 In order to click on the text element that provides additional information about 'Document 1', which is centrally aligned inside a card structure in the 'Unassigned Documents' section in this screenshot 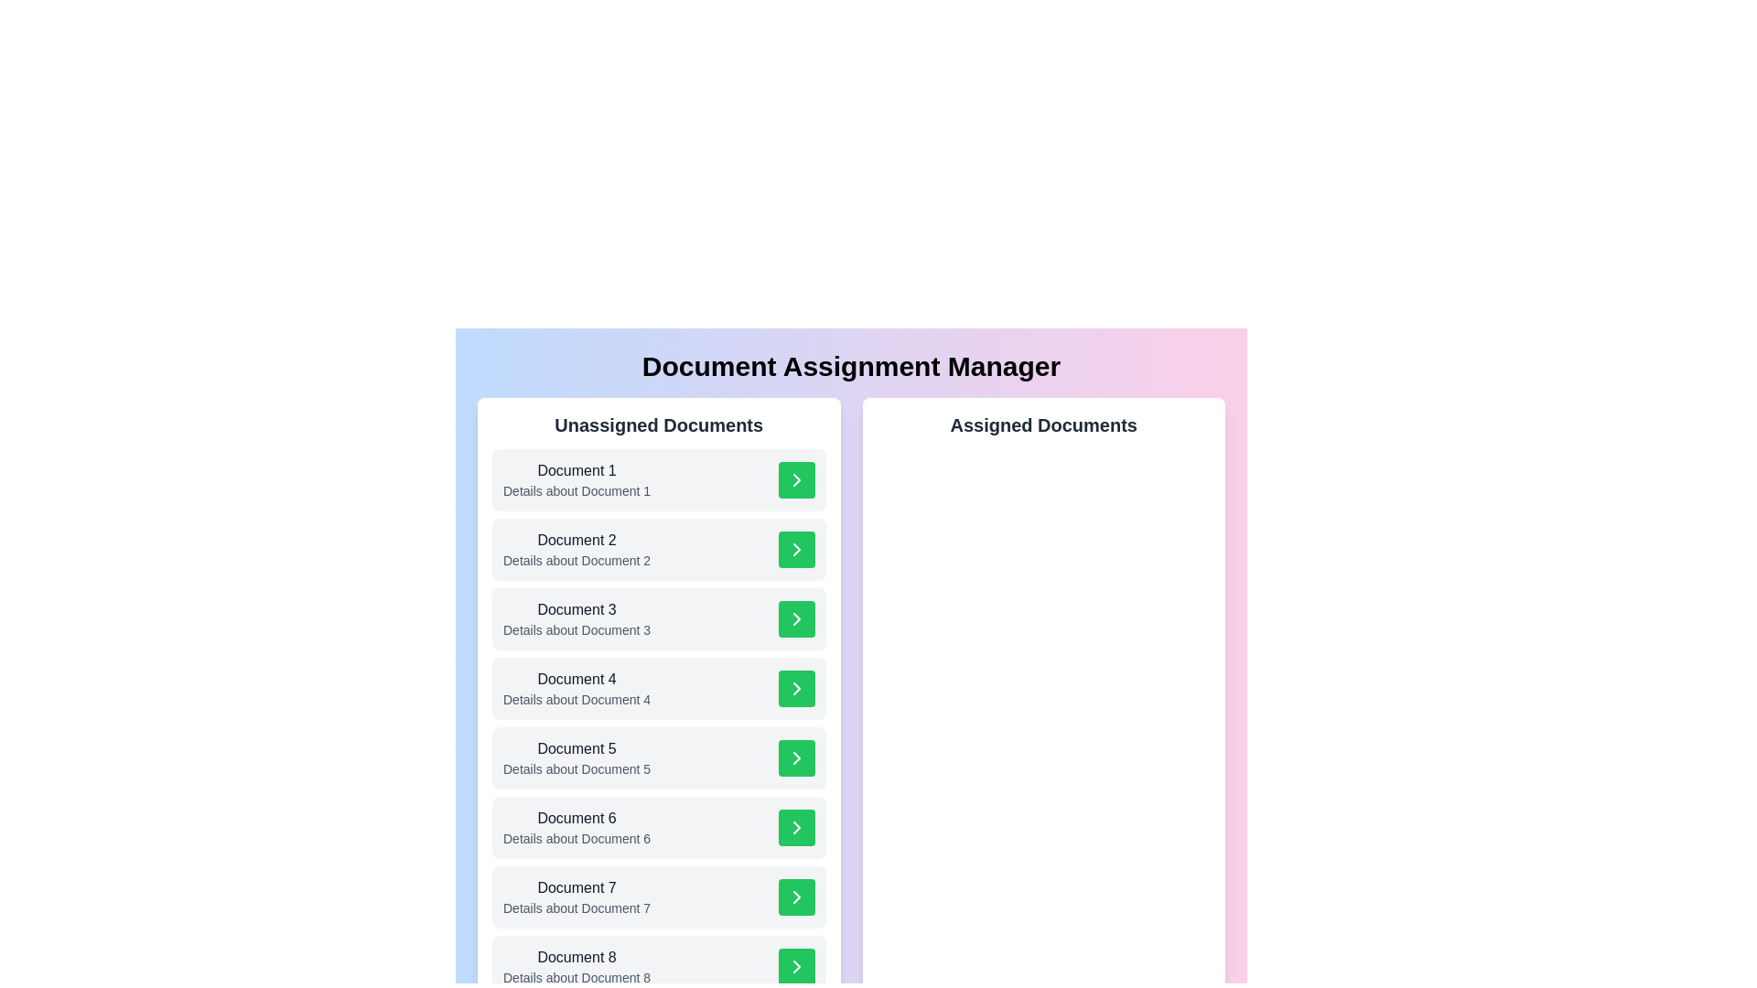, I will do `click(576, 489)`.